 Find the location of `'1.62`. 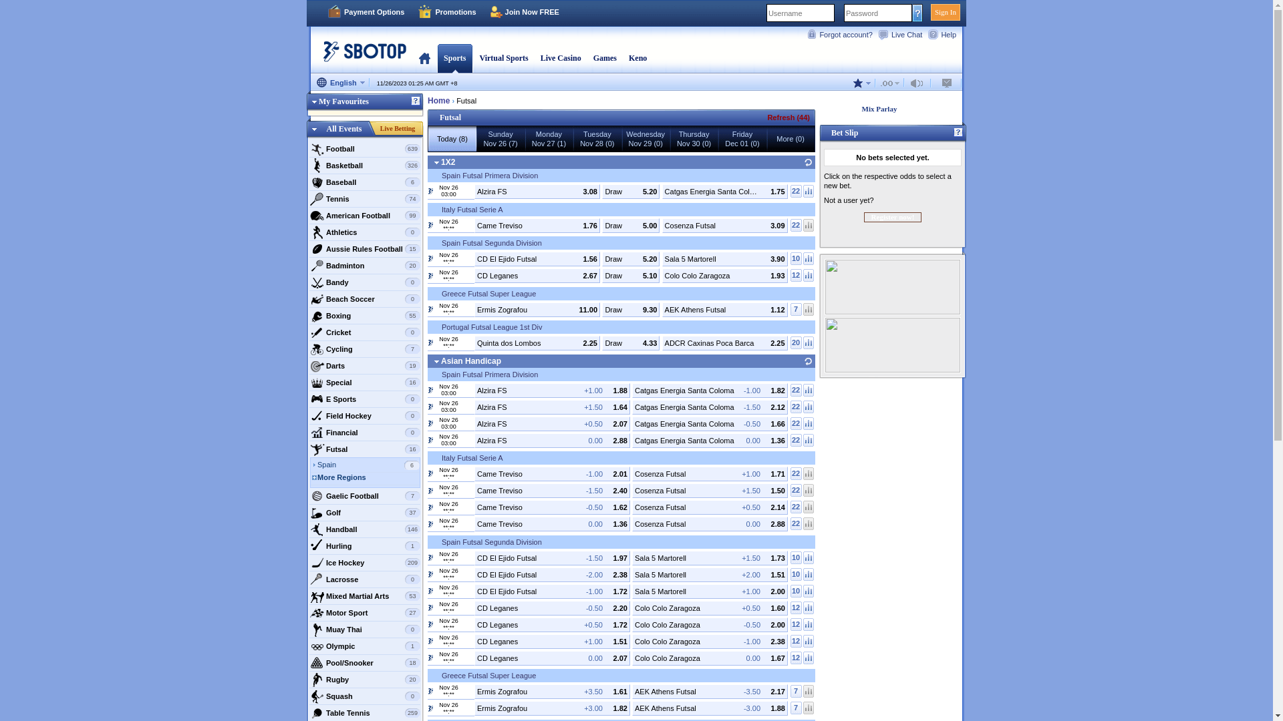

'1.62 is located at coordinates (552, 507).